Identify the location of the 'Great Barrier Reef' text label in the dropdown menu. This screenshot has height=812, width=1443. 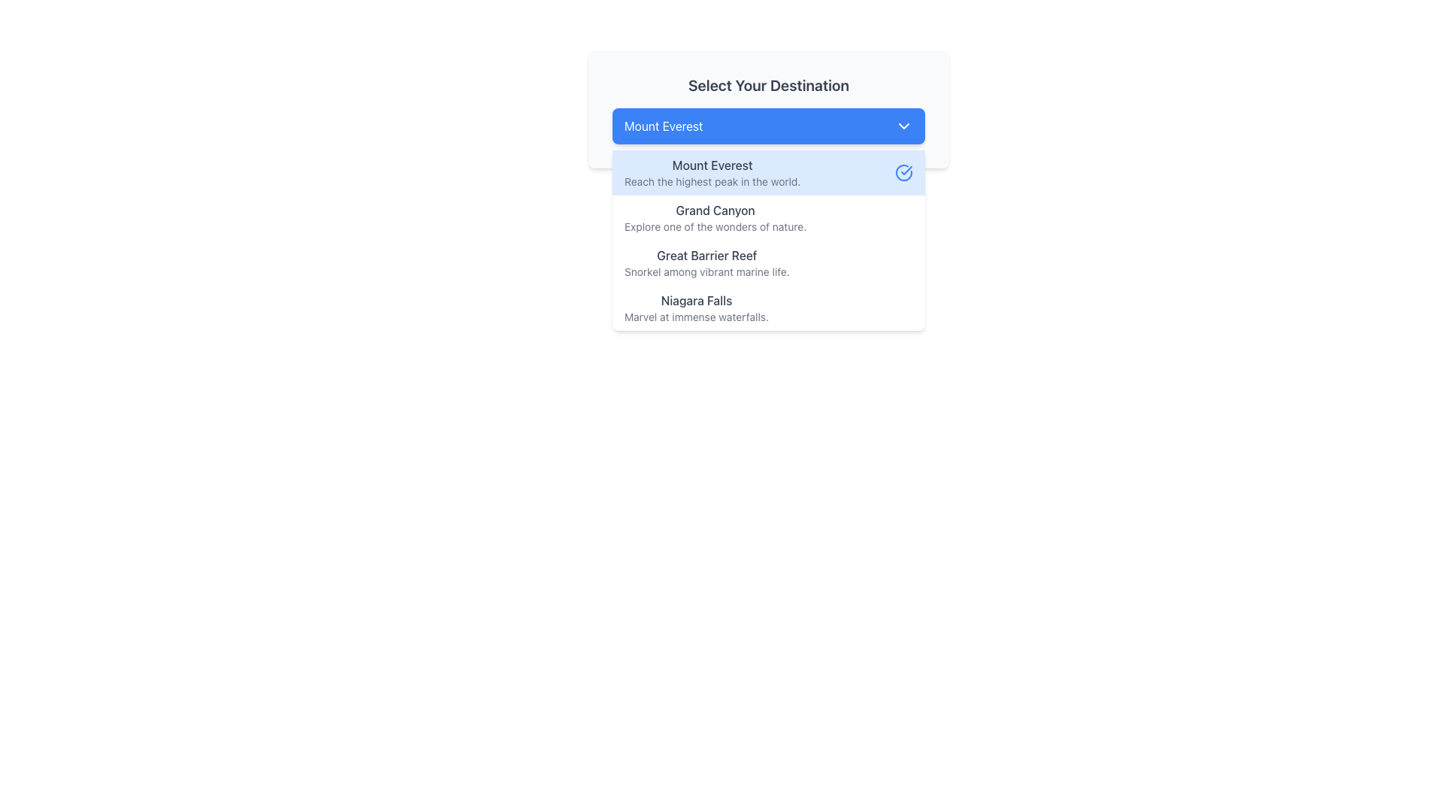
(706, 254).